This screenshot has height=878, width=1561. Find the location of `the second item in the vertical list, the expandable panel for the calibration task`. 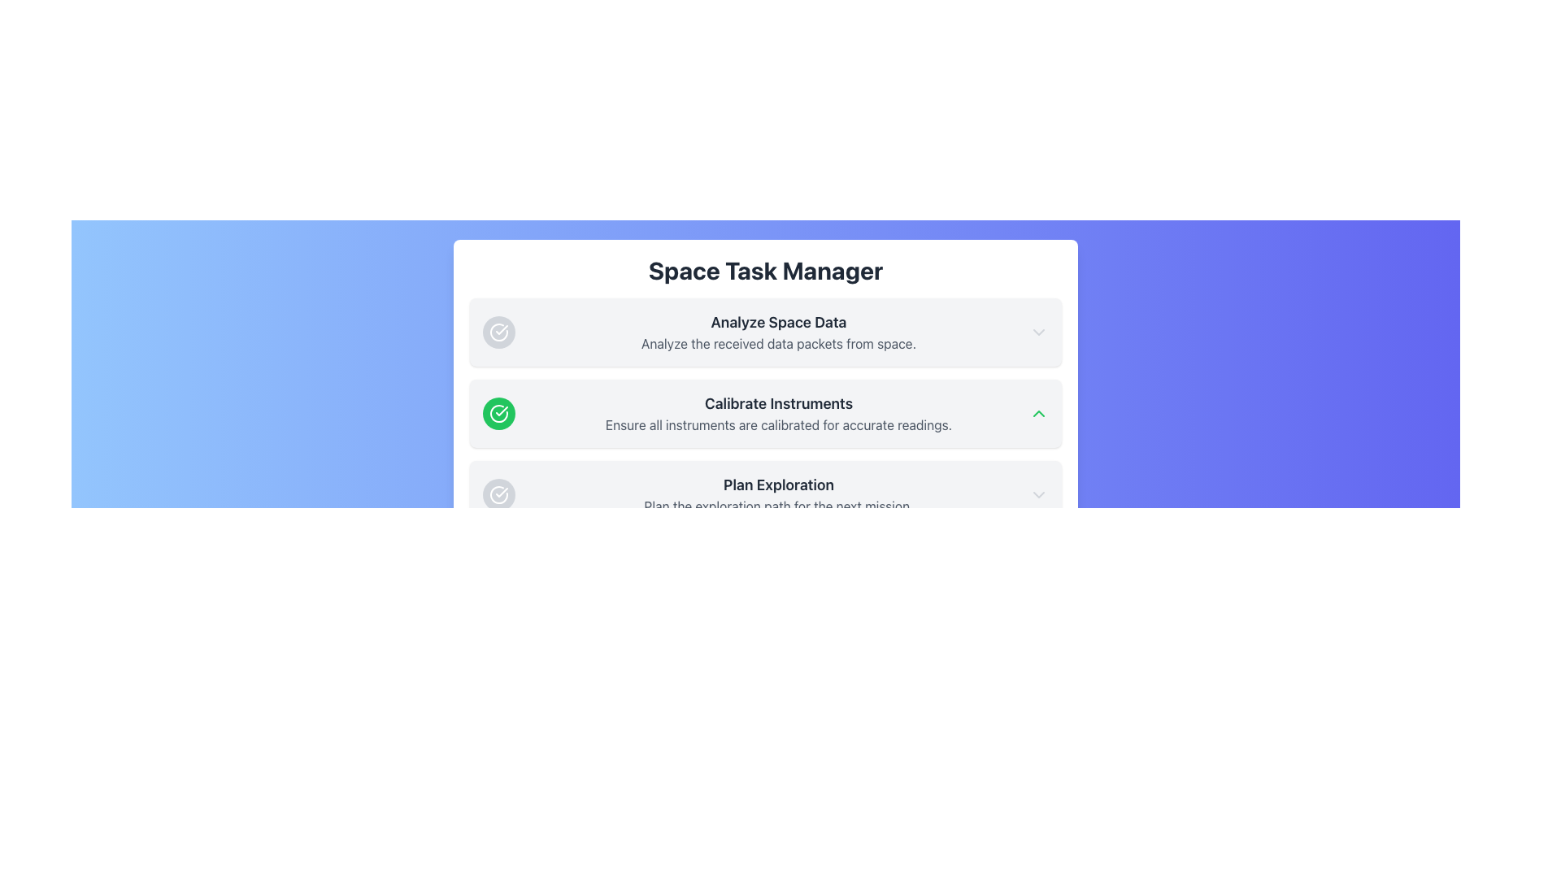

the second item in the vertical list, the expandable panel for the calibration task is located at coordinates (764, 418).